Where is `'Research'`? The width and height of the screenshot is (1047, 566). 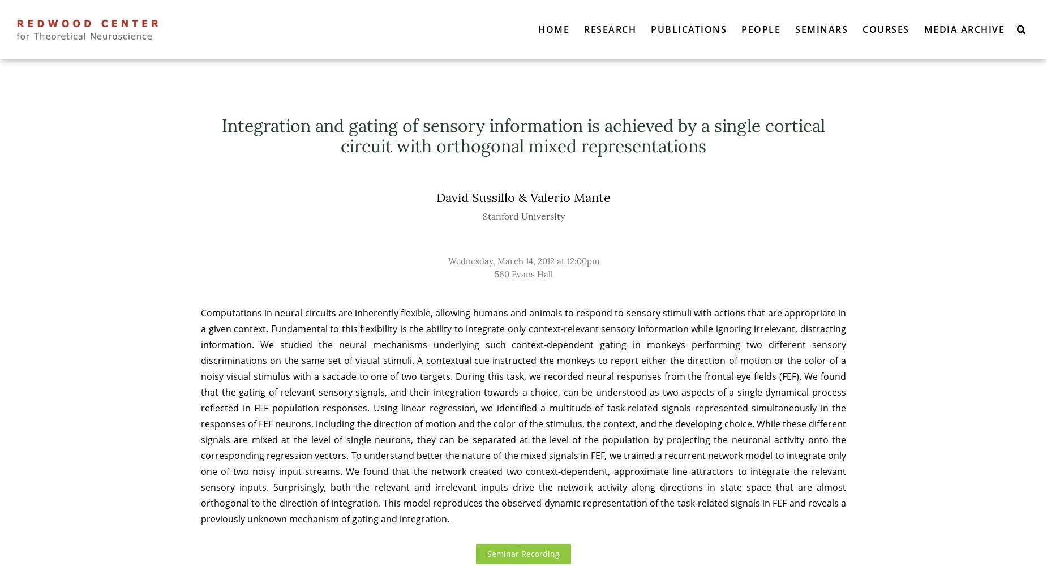
'Research' is located at coordinates (609, 29).